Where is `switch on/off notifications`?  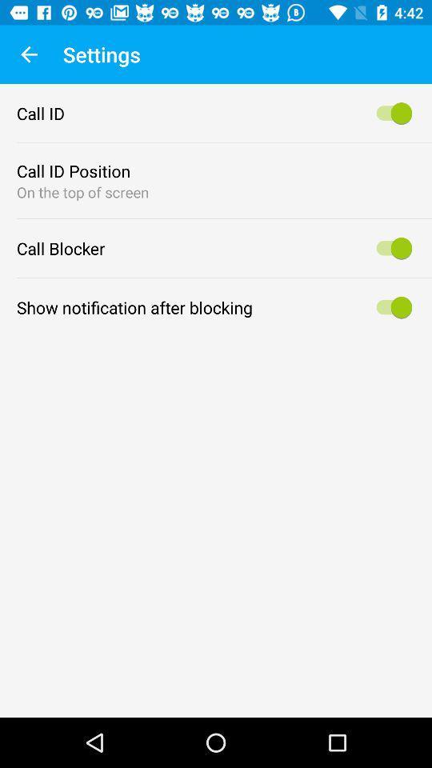
switch on/off notifications is located at coordinates (390, 306).